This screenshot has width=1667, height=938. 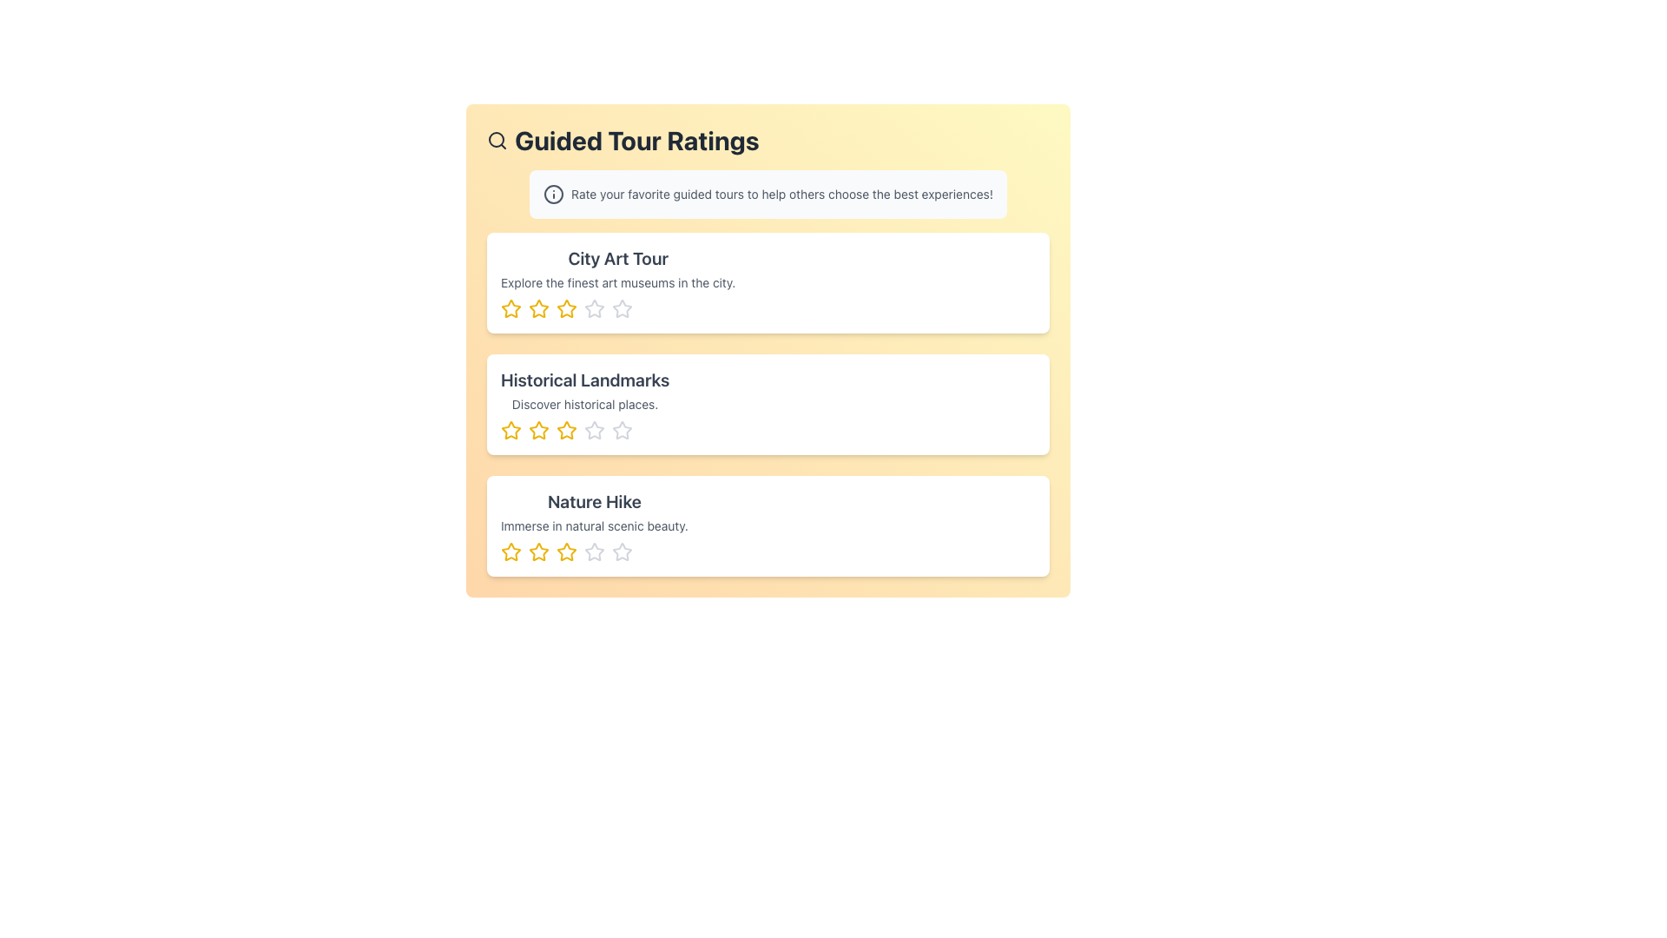 What do you see at coordinates (618, 307) in the screenshot?
I see `the fourth star in the star rating component under the 'City Art Tour' section` at bounding box center [618, 307].